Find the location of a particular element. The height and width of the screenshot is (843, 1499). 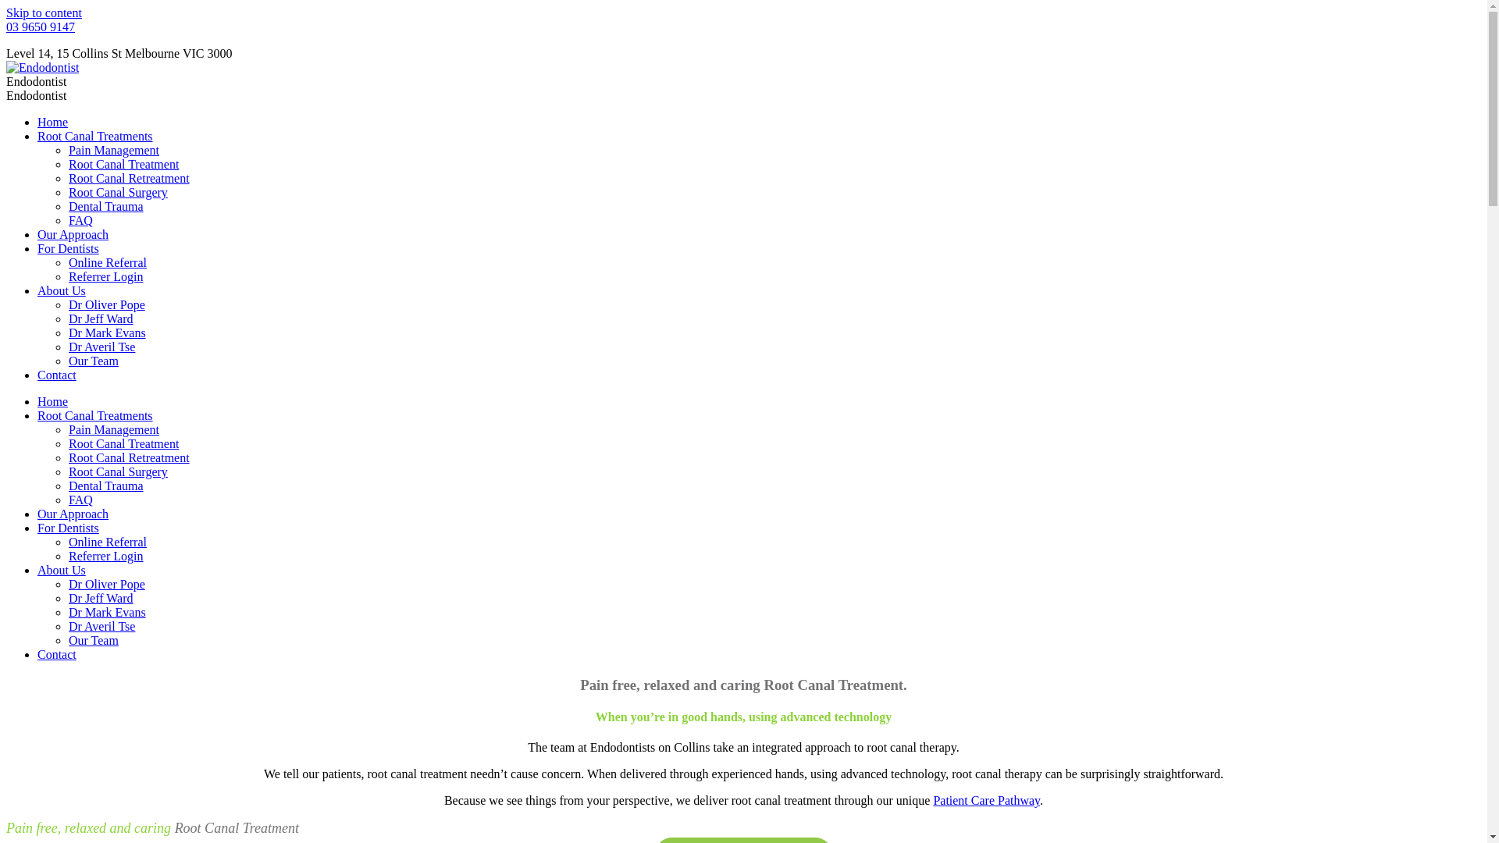

'Contact' is located at coordinates (56, 375).